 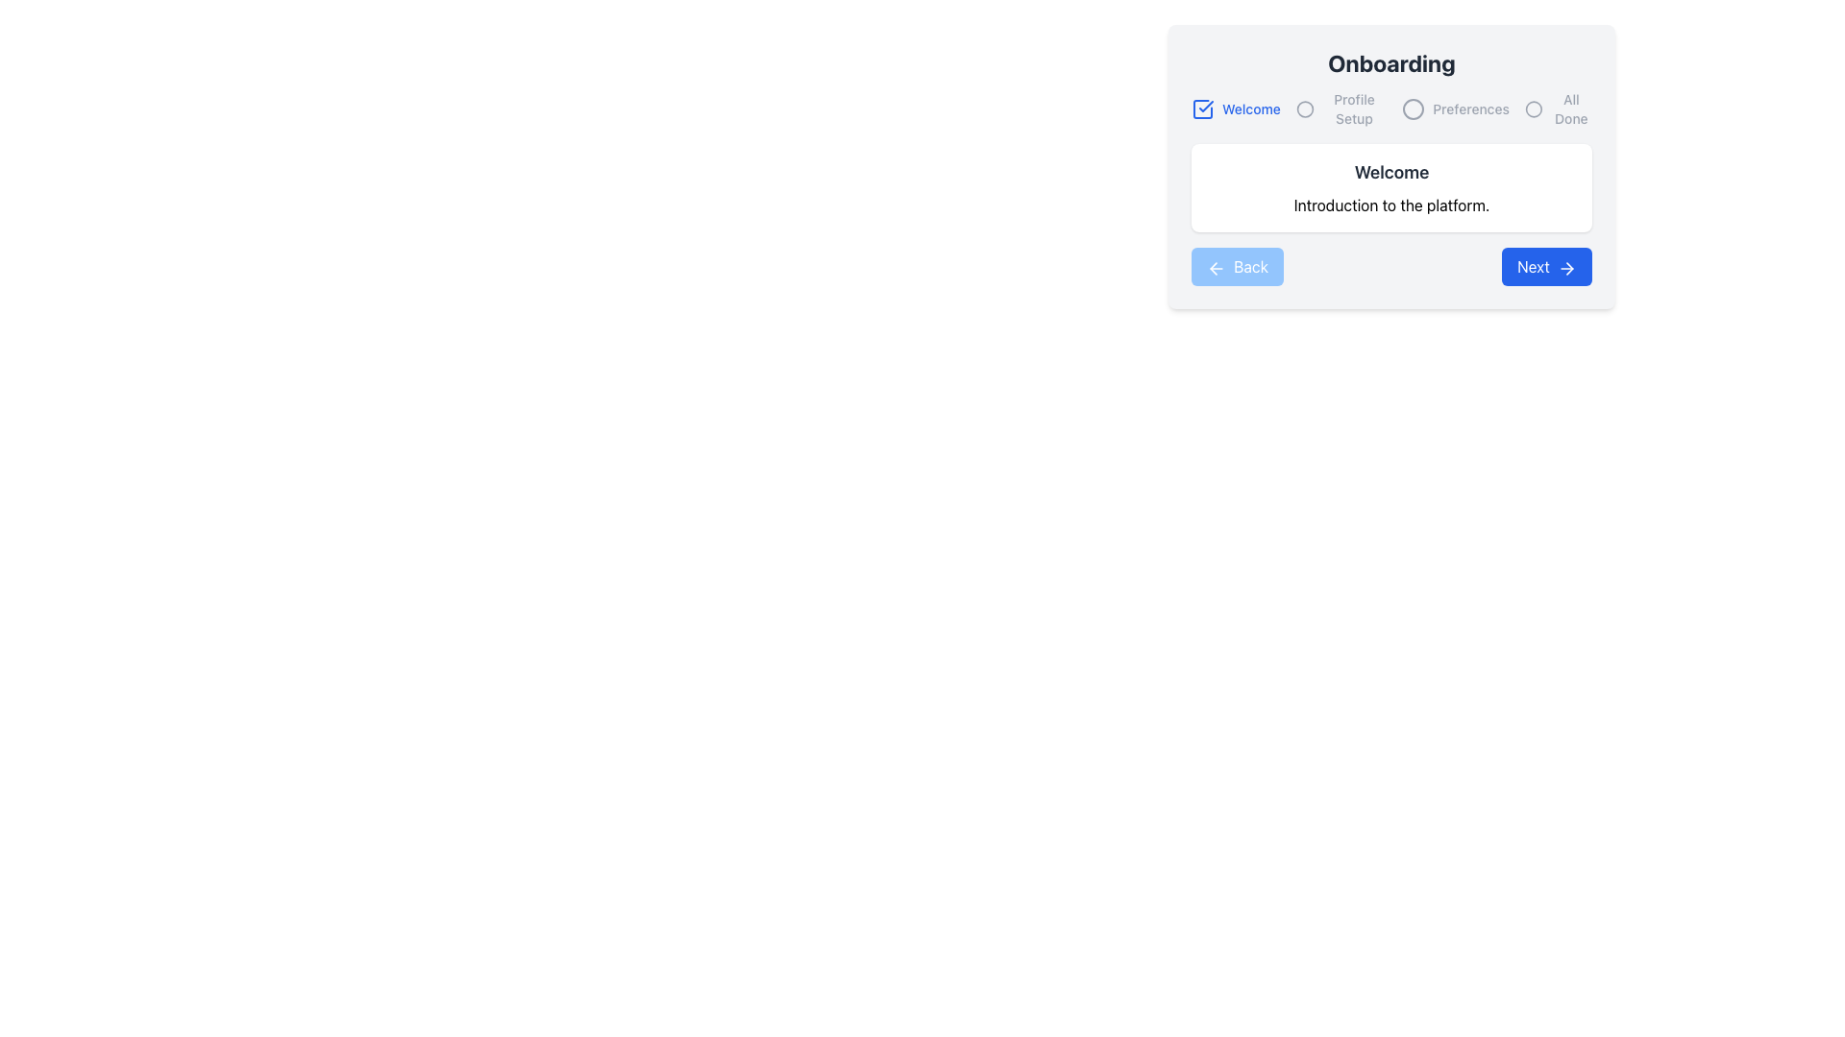 What do you see at coordinates (1205, 107) in the screenshot?
I see `the checkmark icon in the middle-right section of the interface, which indicates completion or selection status` at bounding box center [1205, 107].